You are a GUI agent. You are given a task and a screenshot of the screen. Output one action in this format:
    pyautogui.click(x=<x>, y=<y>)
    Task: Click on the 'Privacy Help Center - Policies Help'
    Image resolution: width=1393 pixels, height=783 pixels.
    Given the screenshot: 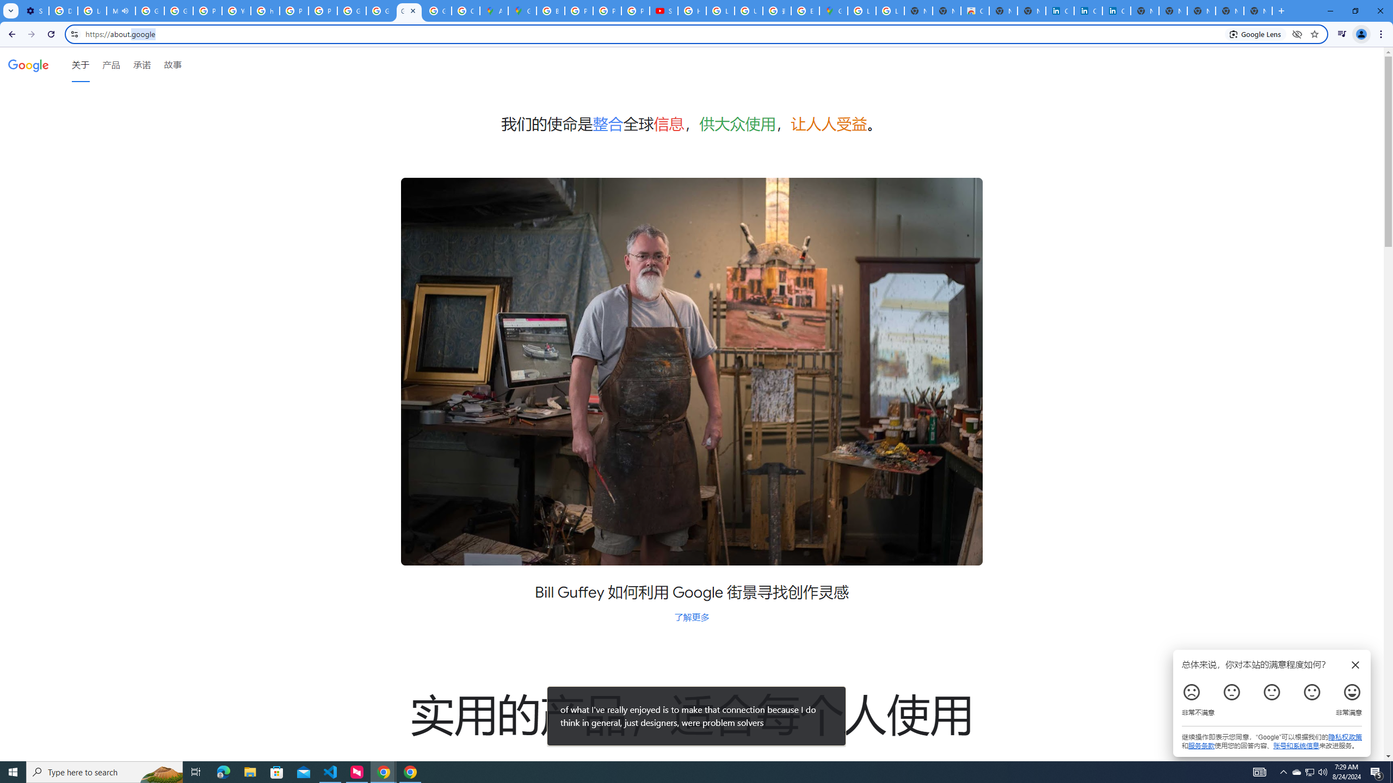 What is the action you would take?
    pyautogui.click(x=578, y=10)
    